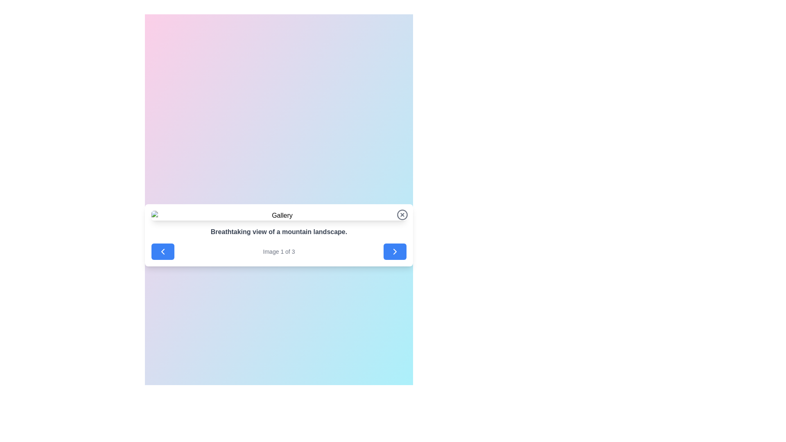  Describe the element at coordinates (395, 251) in the screenshot. I see `the blue rectangular button with a white right-pointing chevron icon` at that location.